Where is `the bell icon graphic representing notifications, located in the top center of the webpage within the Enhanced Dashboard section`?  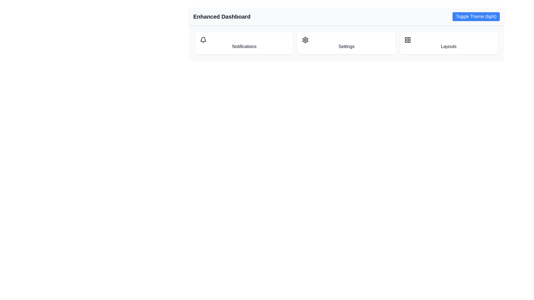
the bell icon graphic representing notifications, located in the top center of the webpage within the Enhanced Dashboard section is located at coordinates (203, 39).